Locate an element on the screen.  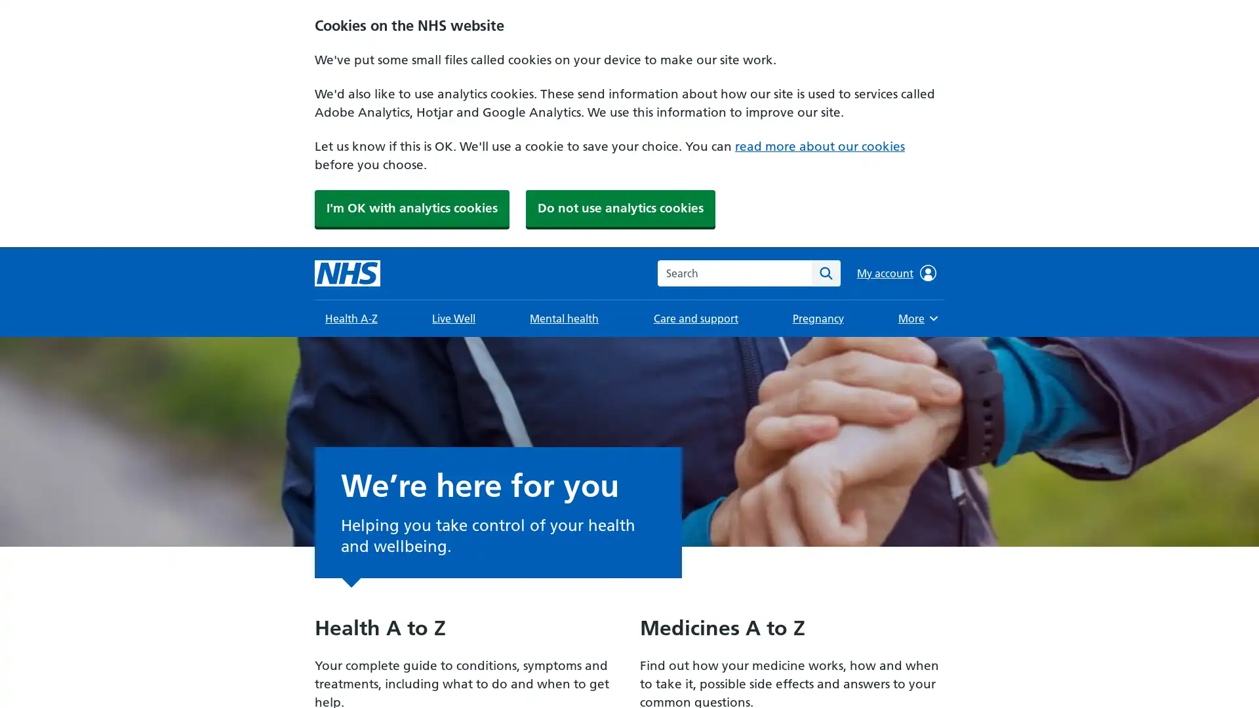
Search is located at coordinates (825, 272).